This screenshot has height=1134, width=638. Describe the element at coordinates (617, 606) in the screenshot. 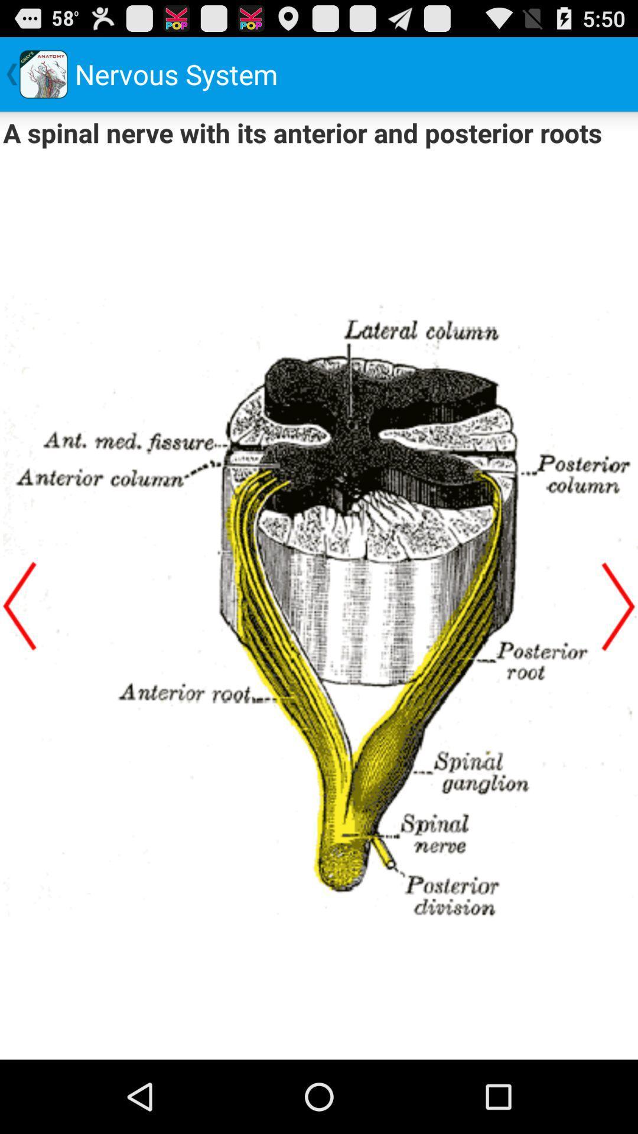

I see `next` at that location.